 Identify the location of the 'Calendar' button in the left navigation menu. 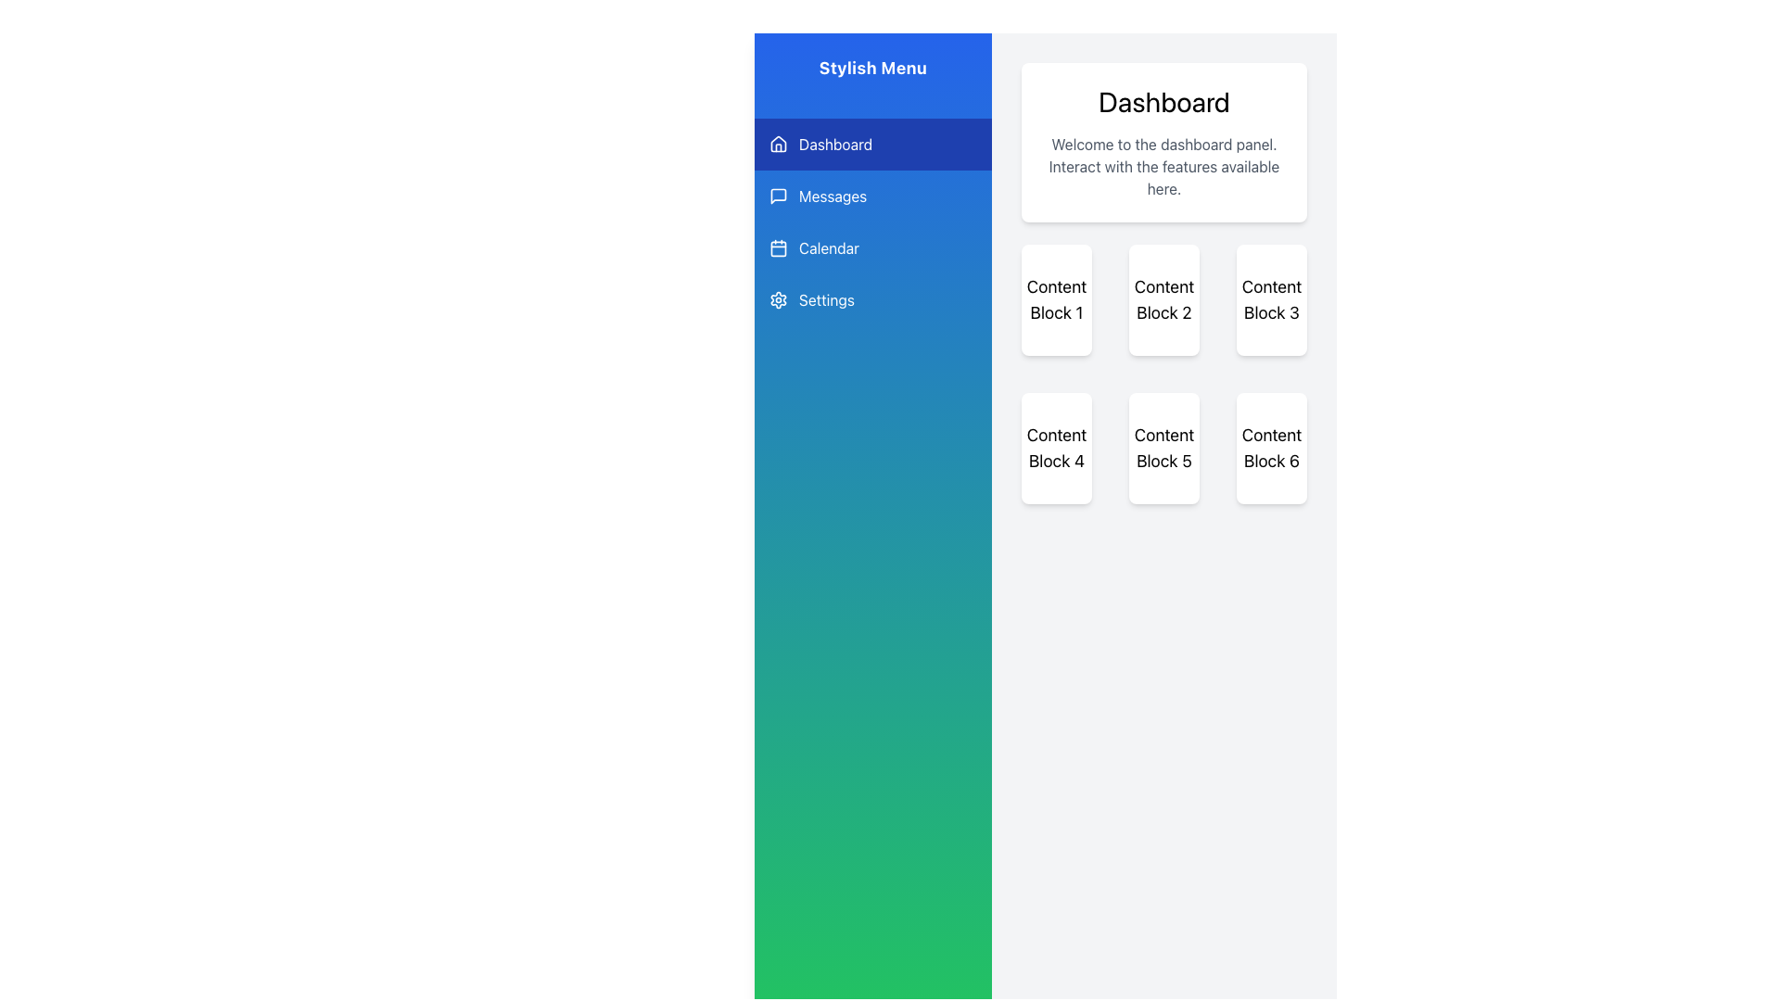
(871, 247).